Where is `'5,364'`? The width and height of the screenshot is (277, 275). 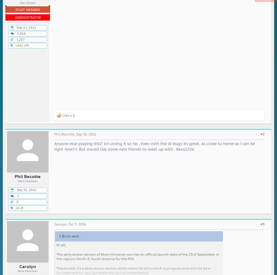
'5,364' is located at coordinates (21, 34).